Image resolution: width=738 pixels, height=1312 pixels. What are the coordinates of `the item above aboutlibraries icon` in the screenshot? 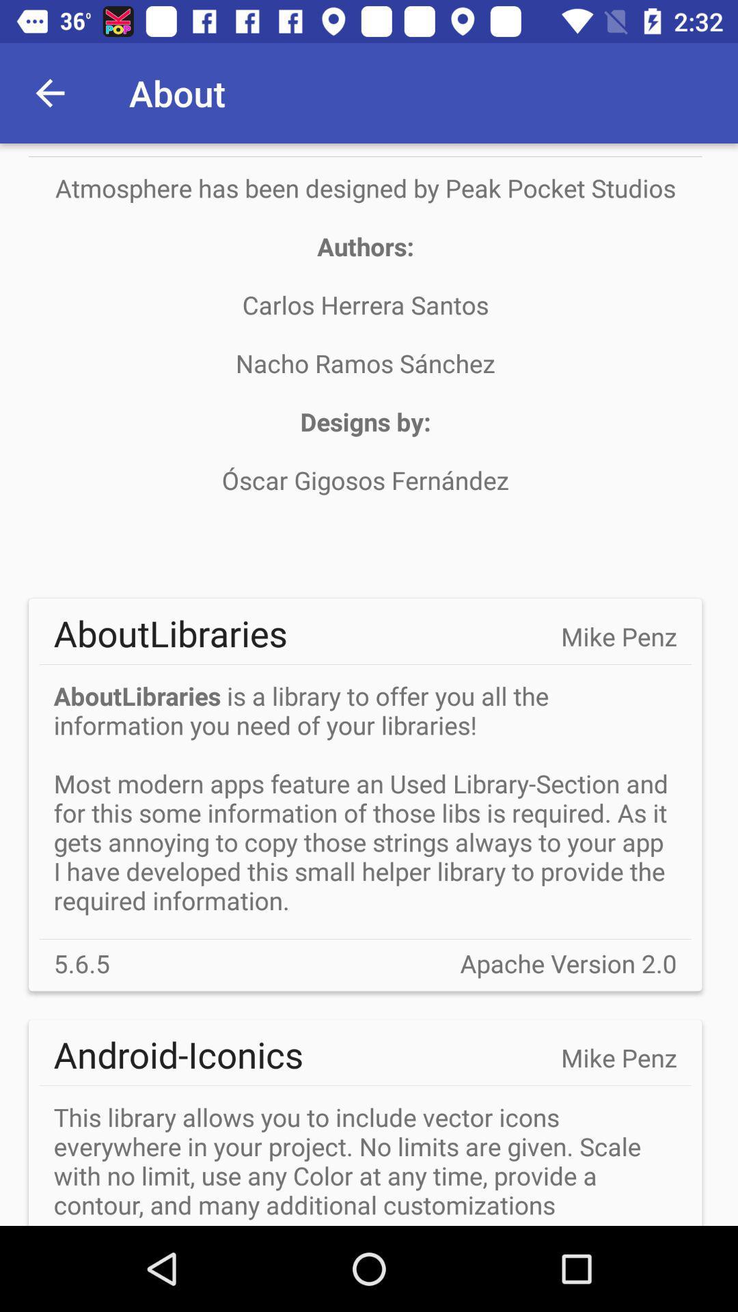 It's located at (364, 363).